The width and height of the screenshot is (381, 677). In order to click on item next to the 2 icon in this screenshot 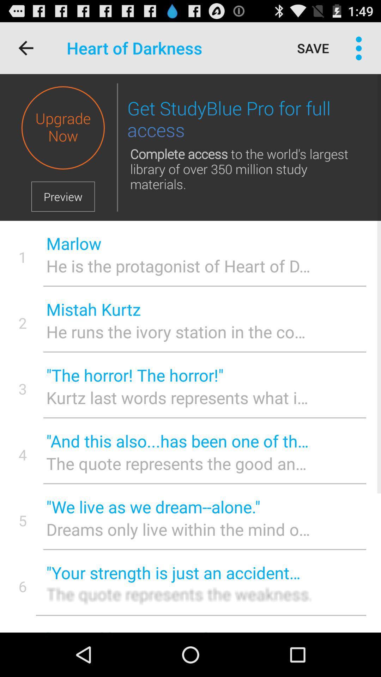, I will do `click(178, 309)`.